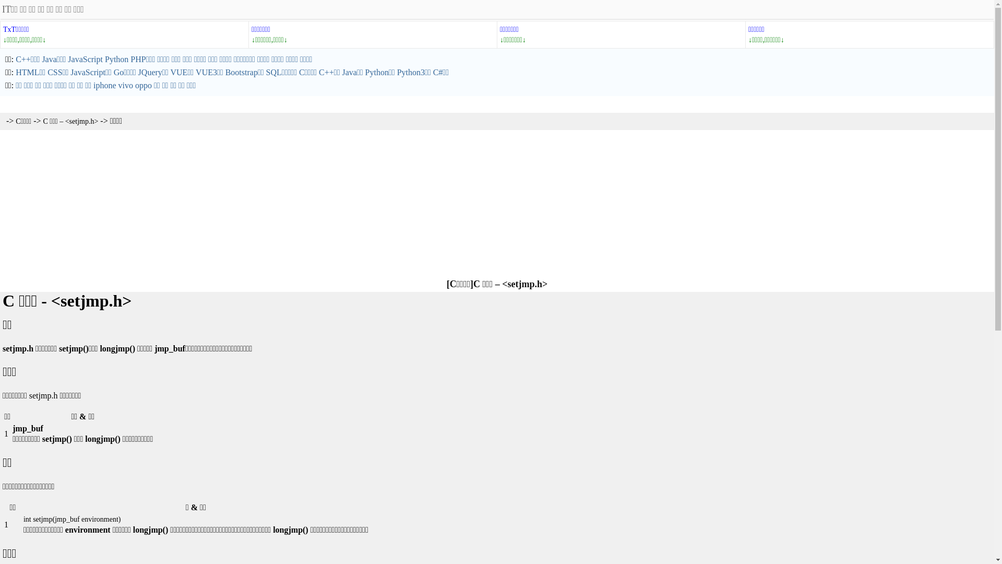 Image resolution: width=1002 pixels, height=564 pixels. I want to click on 'Python', so click(116, 59).